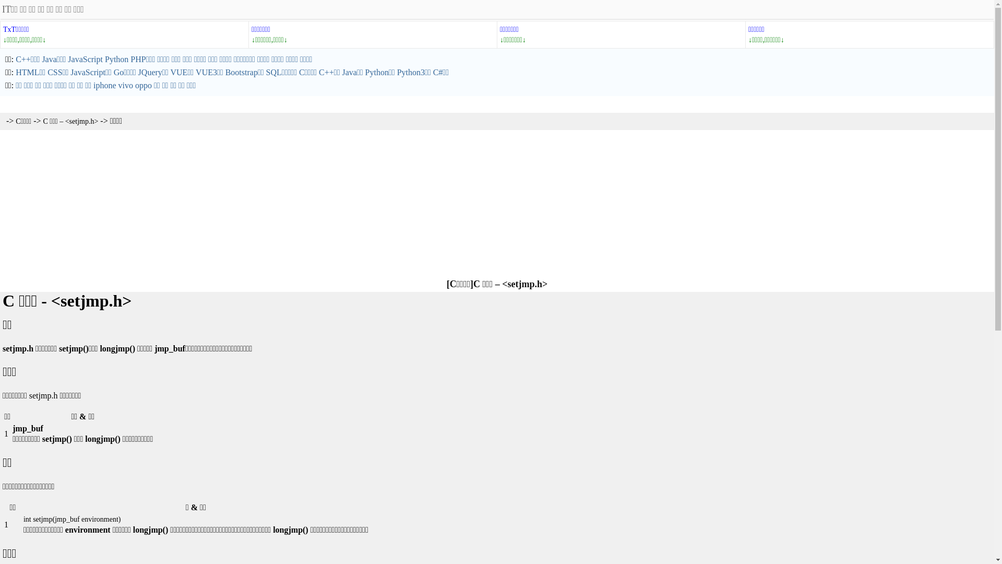 Image resolution: width=1002 pixels, height=564 pixels. I want to click on 'Python', so click(116, 59).